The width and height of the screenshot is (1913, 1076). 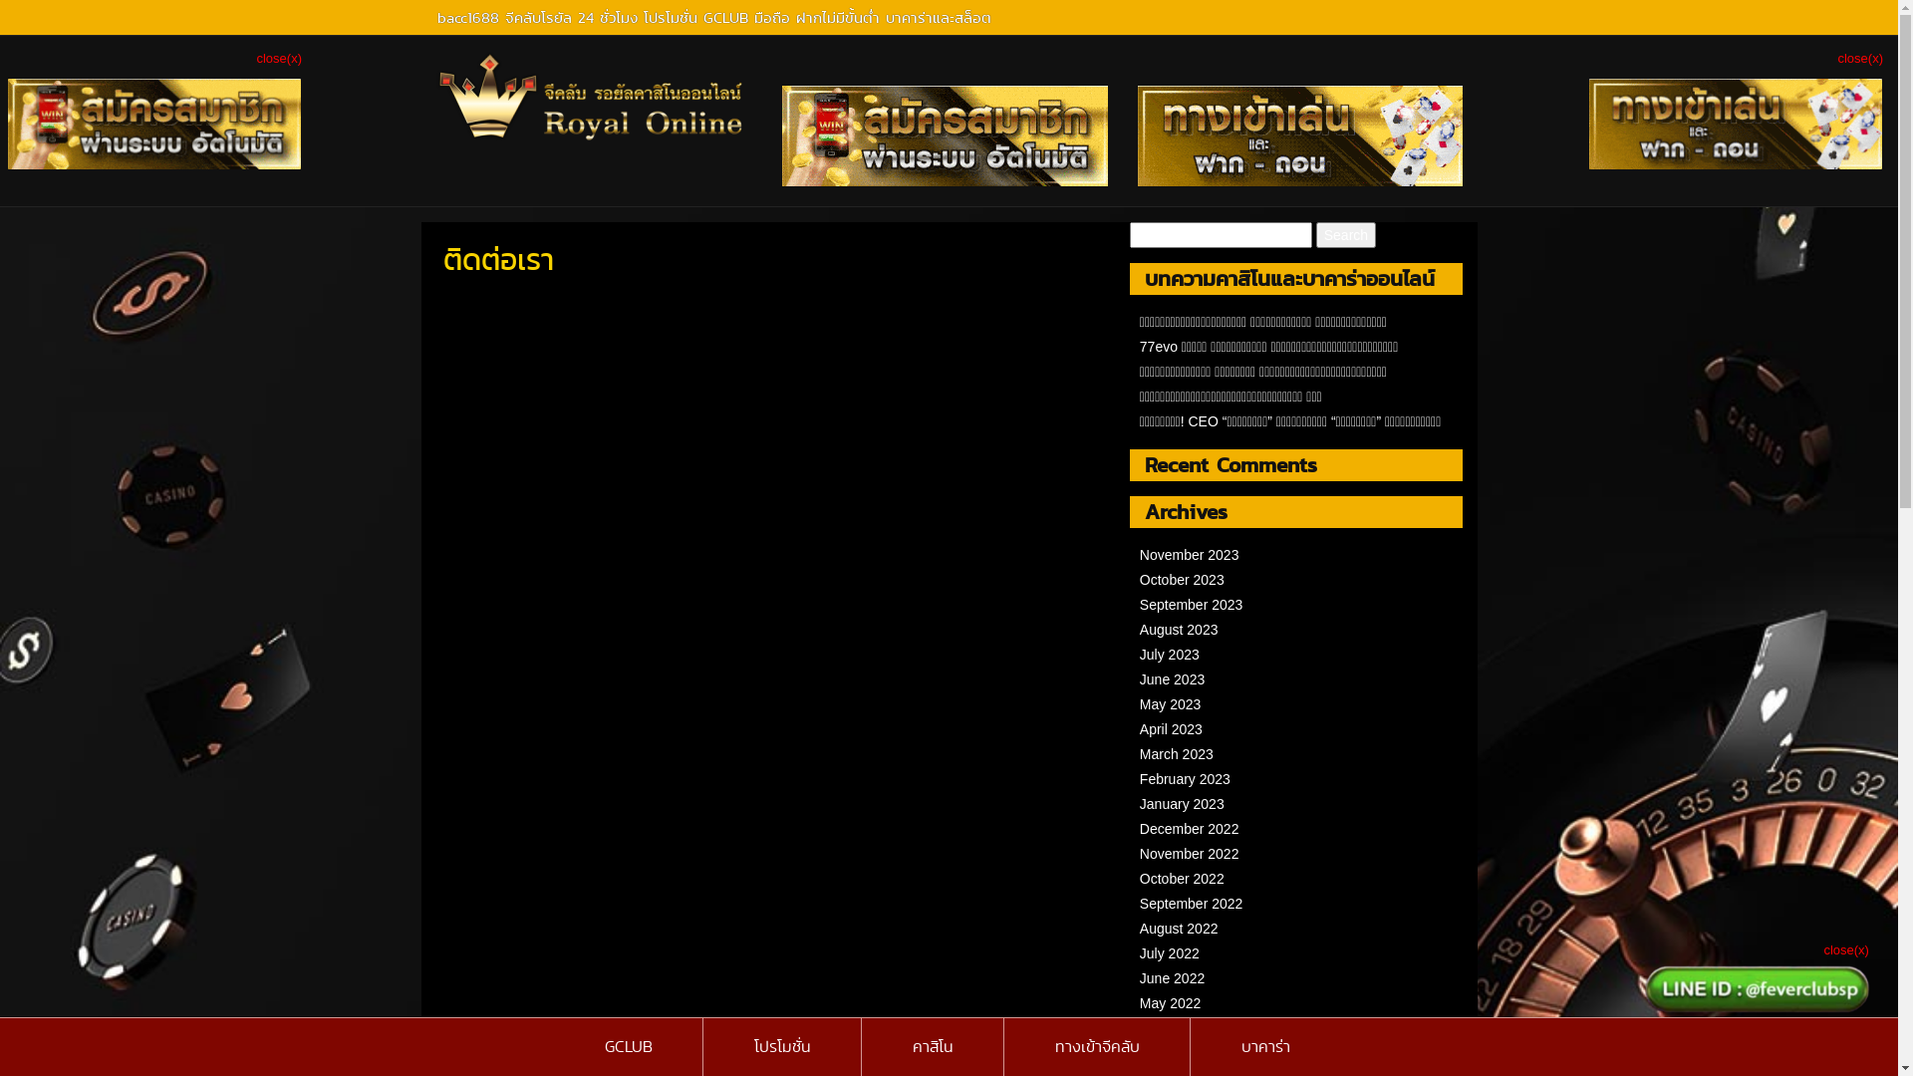 I want to click on 'April 2022', so click(x=1171, y=1028).